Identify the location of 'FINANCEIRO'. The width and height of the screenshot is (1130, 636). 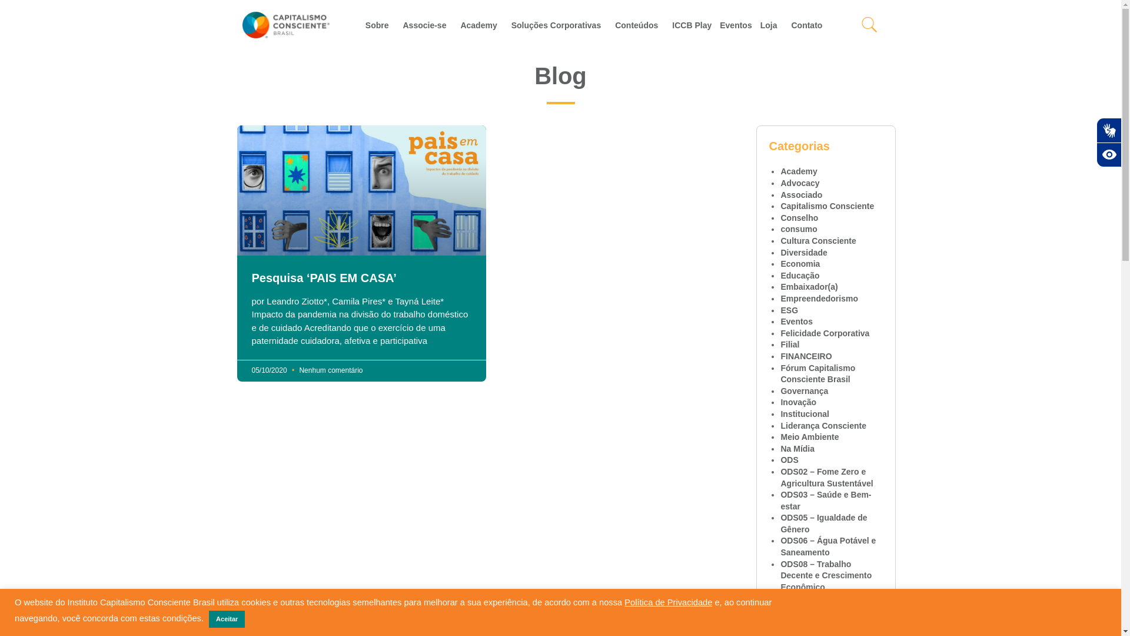
(805, 356).